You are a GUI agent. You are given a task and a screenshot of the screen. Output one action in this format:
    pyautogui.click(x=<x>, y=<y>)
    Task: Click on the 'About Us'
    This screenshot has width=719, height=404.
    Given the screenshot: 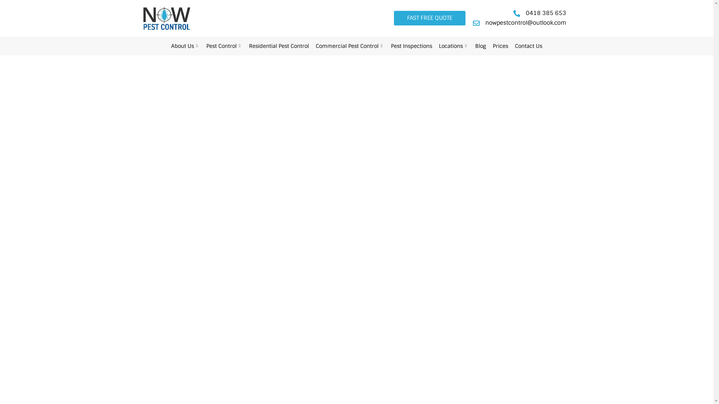 What is the action you would take?
    pyautogui.click(x=185, y=46)
    